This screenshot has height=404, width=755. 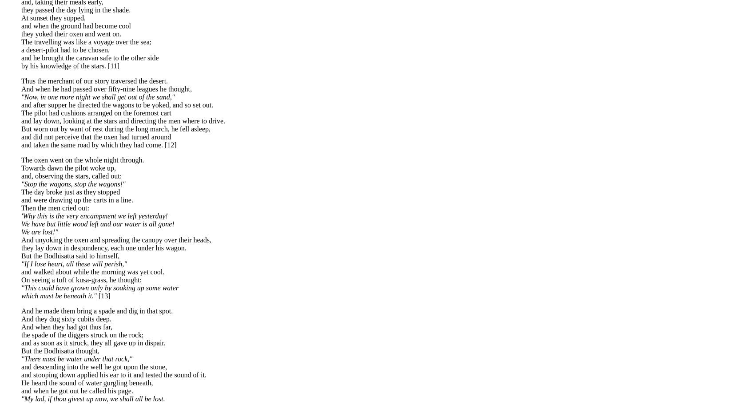 I want to click on 'Thus the merchant of our story traversed the desert.', so click(x=95, y=80).